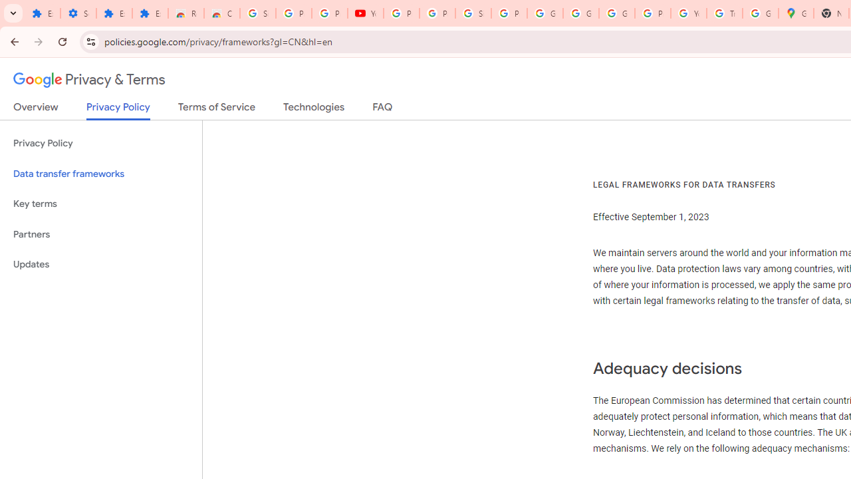 The image size is (851, 479). I want to click on 'Google Account', so click(581, 13).